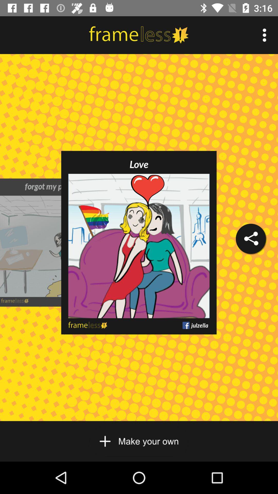 Image resolution: width=278 pixels, height=494 pixels. I want to click on share, so click(250, 239).